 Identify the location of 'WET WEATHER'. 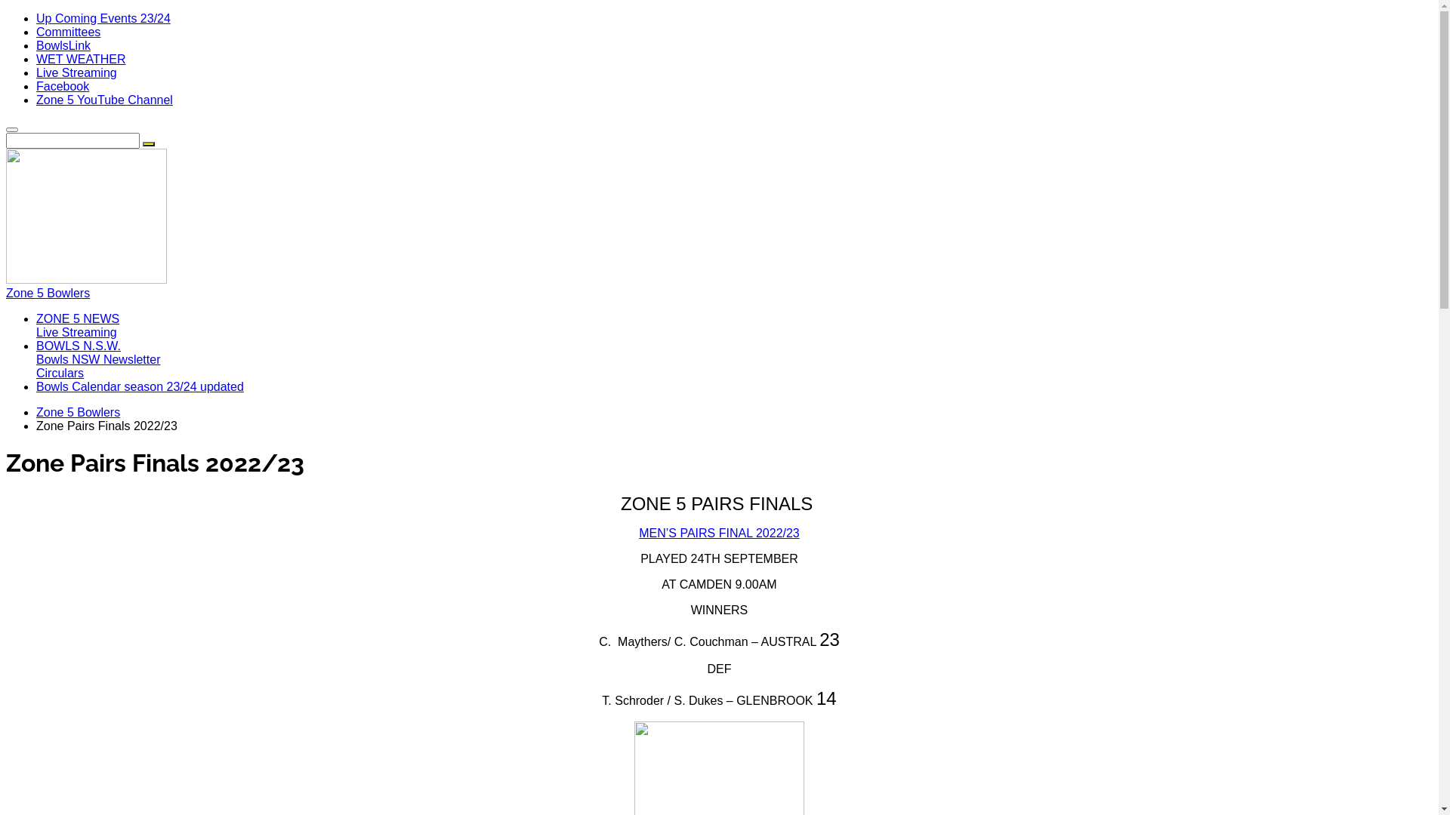
(80, 58).